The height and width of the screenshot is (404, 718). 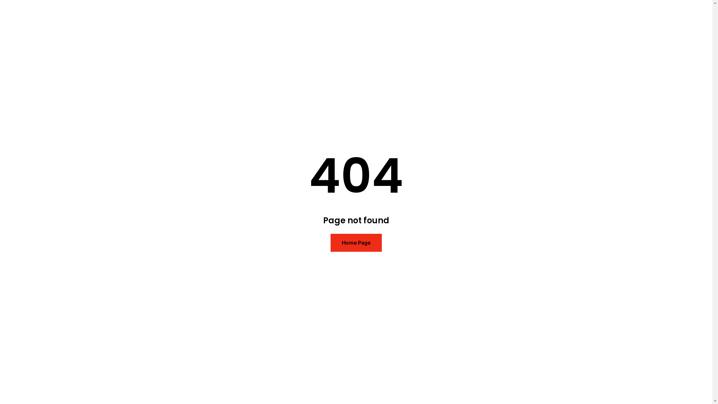 I want to click on 'Home Page', so click(x=356, y=242).